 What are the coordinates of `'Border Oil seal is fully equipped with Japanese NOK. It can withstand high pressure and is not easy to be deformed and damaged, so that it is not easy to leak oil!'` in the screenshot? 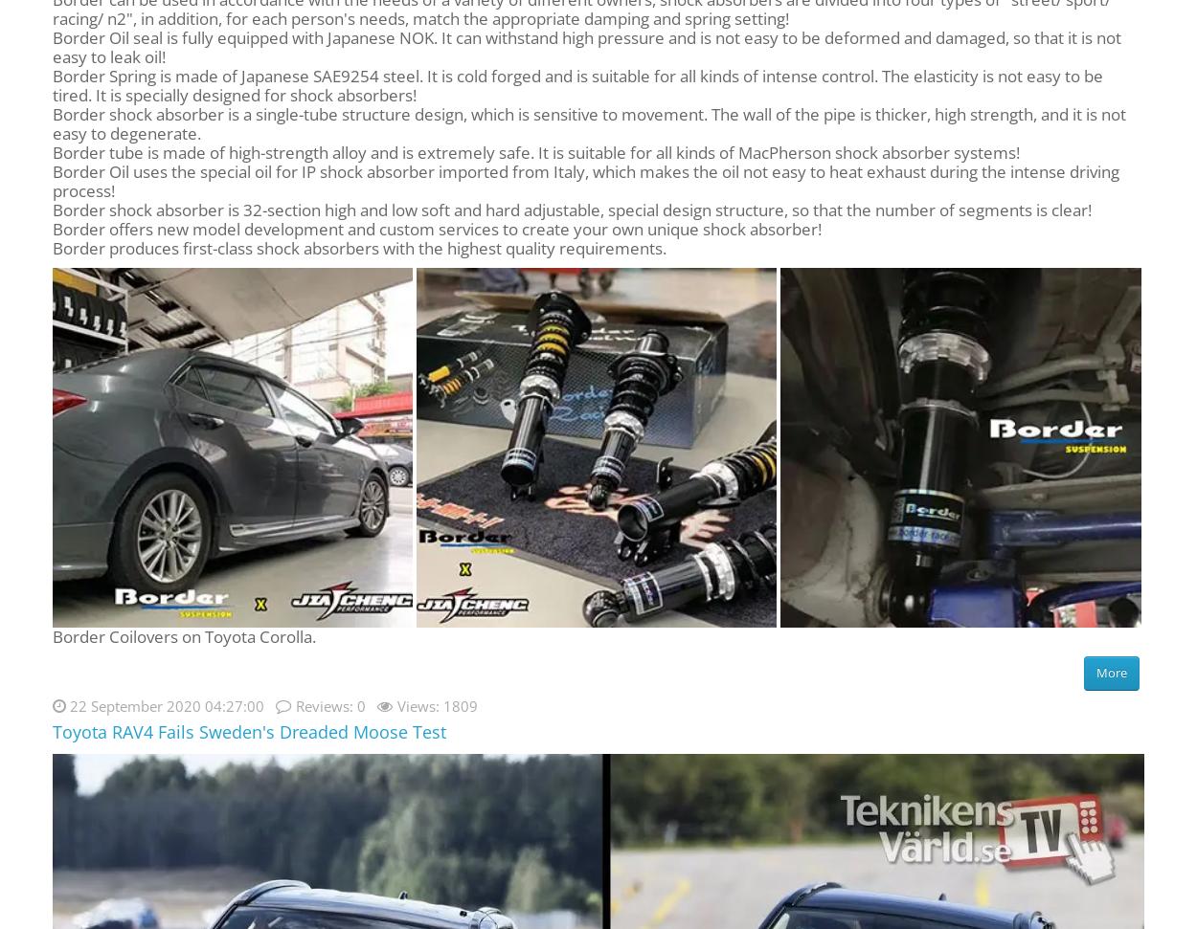 It's located at (586, 46).